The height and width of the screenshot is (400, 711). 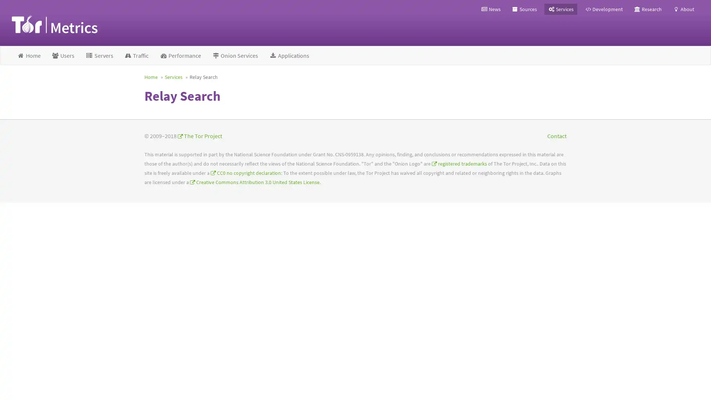 I want to click on Top Relays, so click(x=550, y=169).